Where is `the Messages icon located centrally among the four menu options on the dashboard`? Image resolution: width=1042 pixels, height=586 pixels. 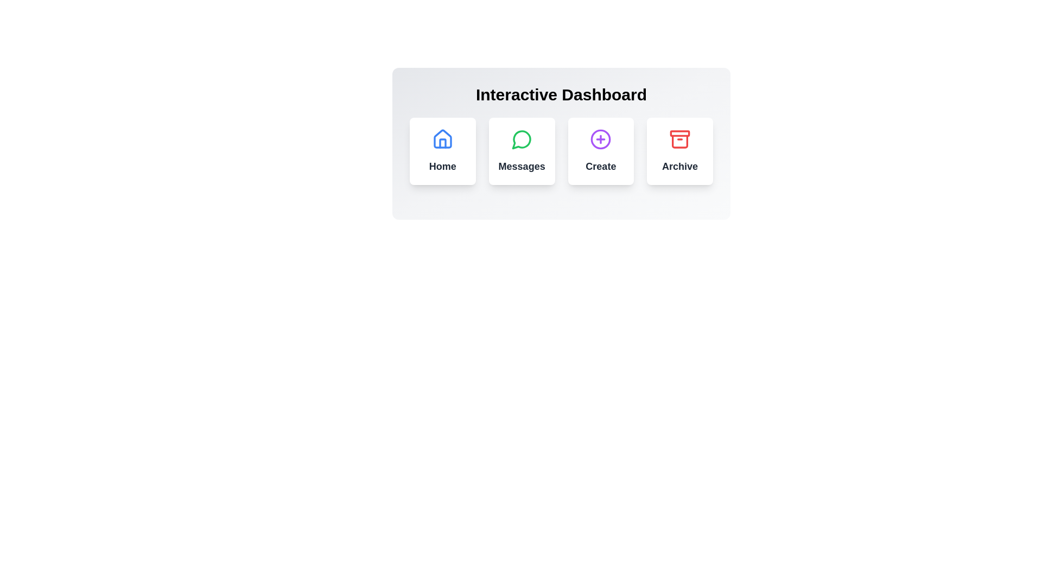
the Messages icon located centrally among the four menu options on the dashboard is located at coordinates (521, 139).